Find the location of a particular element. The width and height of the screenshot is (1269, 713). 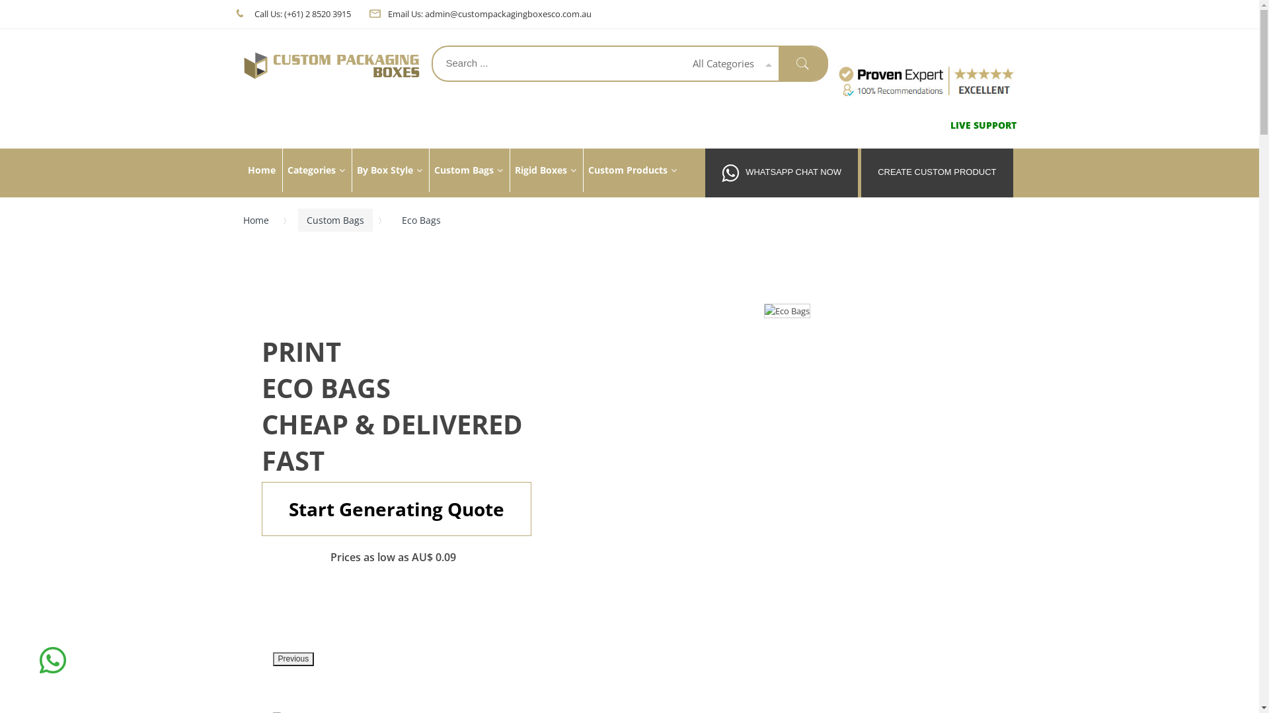

'All Categories' is located at coordinates (682, 63).